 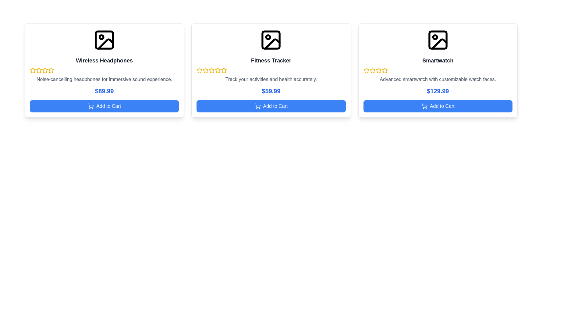 What do you see at coordinates (271, 91) in the screenshot?
I see `the price label displaying '$59.99' in bold blue font within the Fitness Tracker product card, located between the description text and the 'Add to Cart' button` at bounding box center [271, 91].